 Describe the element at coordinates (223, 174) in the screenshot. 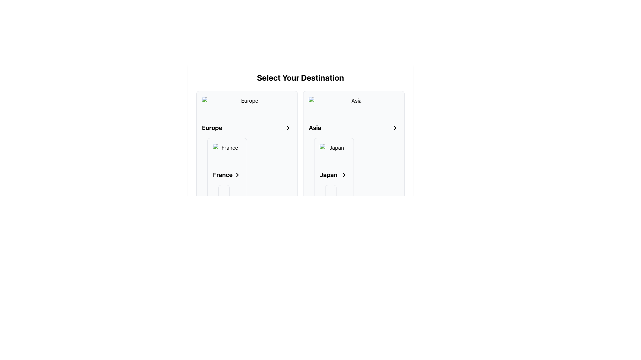

I see `text label 'France' which is part of a menu or list item, positioned to the left of a chevron icon` at that location.